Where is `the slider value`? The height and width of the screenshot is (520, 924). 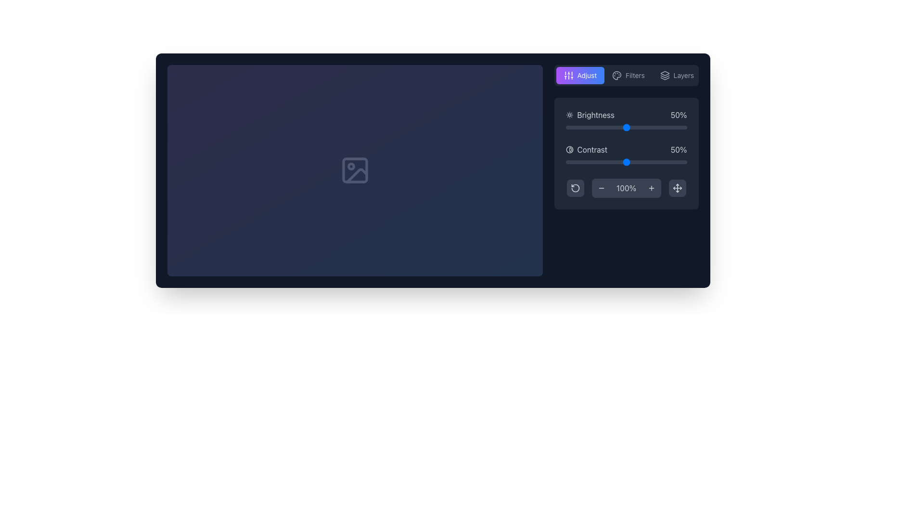
the slider value is located at coordinates (647, 127).